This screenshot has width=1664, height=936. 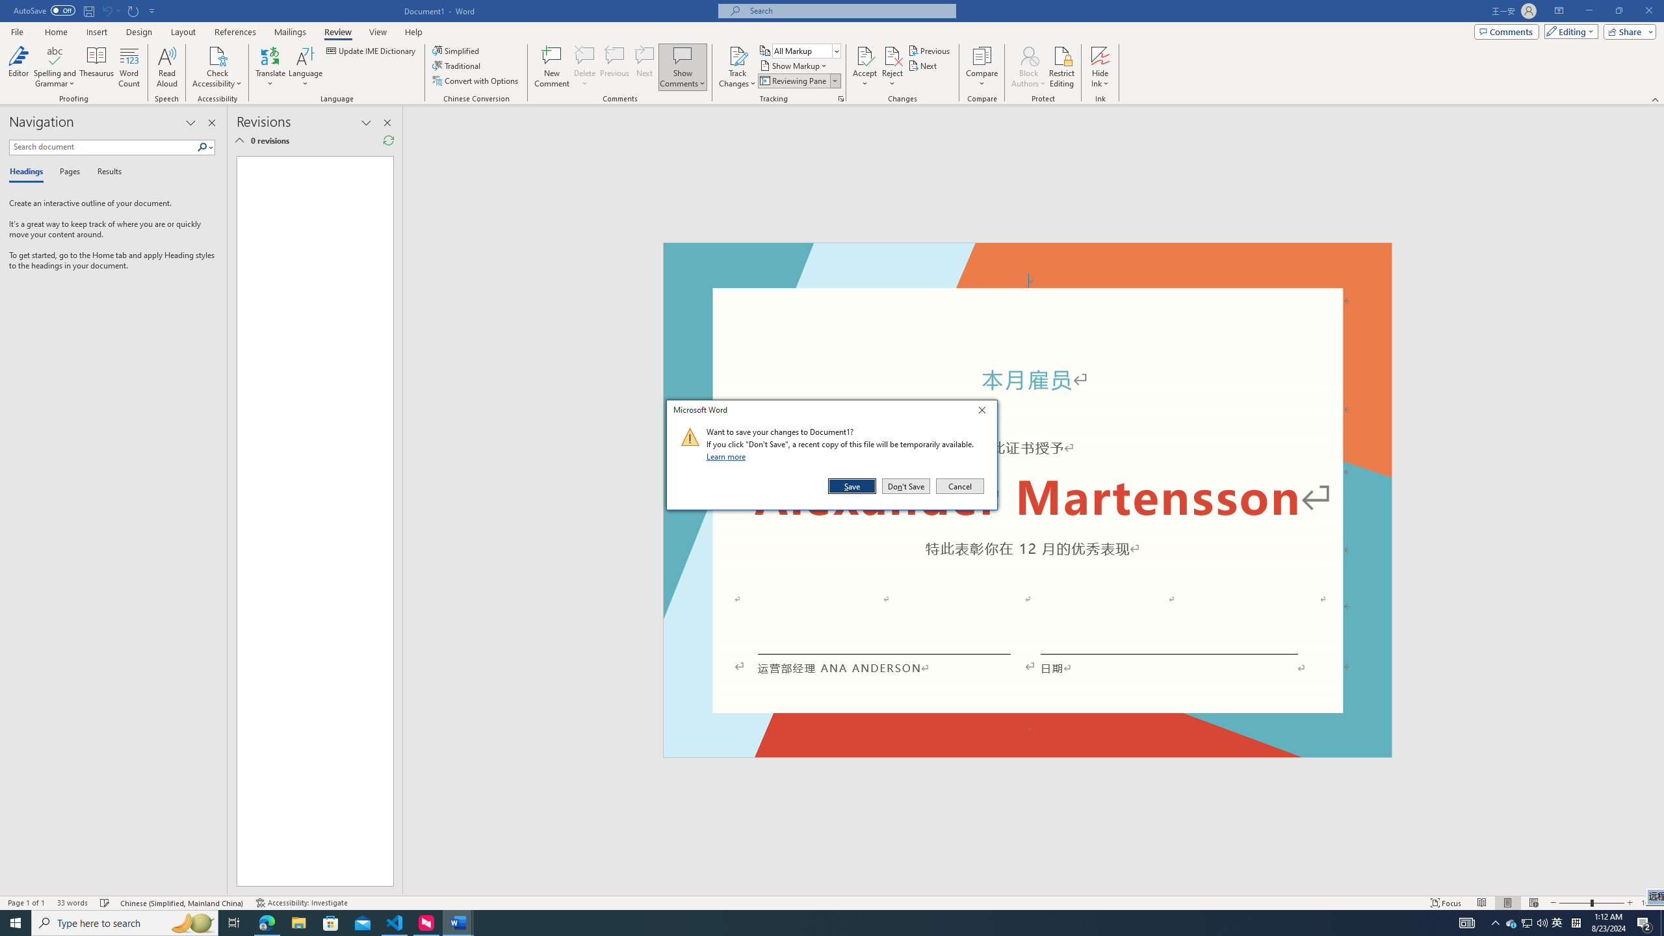 I want to click on 'Spelling and Grammar Check Checking', so click(x=105, y=903).